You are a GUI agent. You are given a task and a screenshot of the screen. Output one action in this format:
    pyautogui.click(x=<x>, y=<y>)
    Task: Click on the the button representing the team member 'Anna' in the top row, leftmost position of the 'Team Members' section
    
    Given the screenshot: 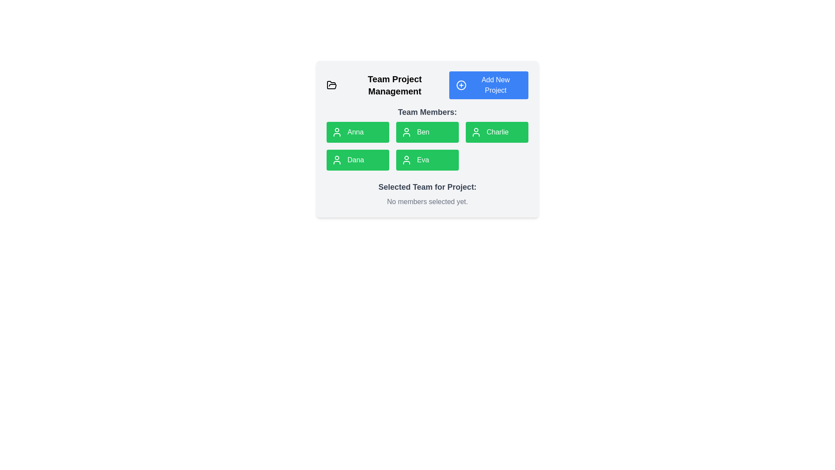 What is the action you would take?
    pyautogui.click(x=357, y=132)
    